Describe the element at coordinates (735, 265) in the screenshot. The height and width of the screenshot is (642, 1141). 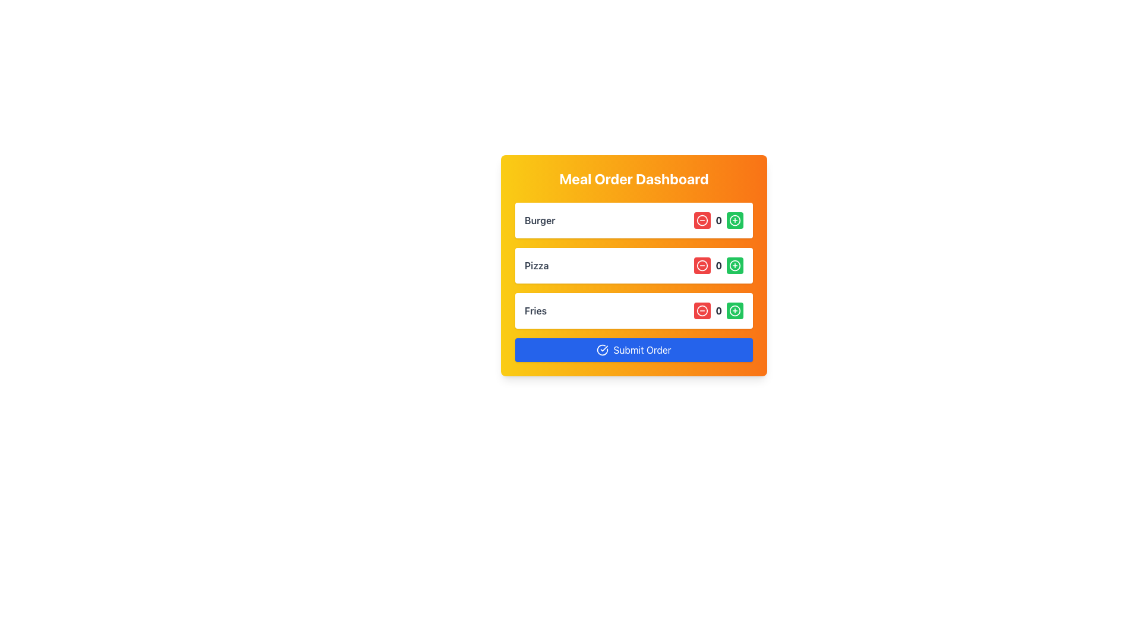
I see `the SVG graphic (circle) within the green 'Add' button located on the far right of the second row labeled with 'Pizza'` at that location.